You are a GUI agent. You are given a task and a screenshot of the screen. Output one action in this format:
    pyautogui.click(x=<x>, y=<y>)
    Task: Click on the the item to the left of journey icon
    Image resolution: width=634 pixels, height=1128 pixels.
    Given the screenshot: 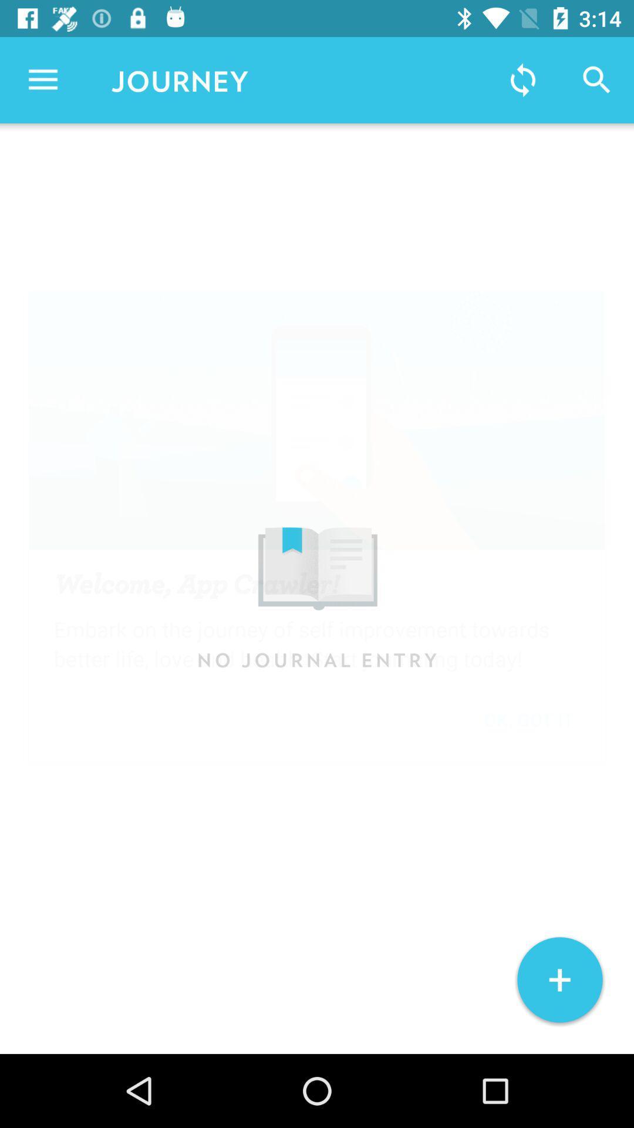 What is the action you would take?
    pyautogui.click(x=42, y=79)
    